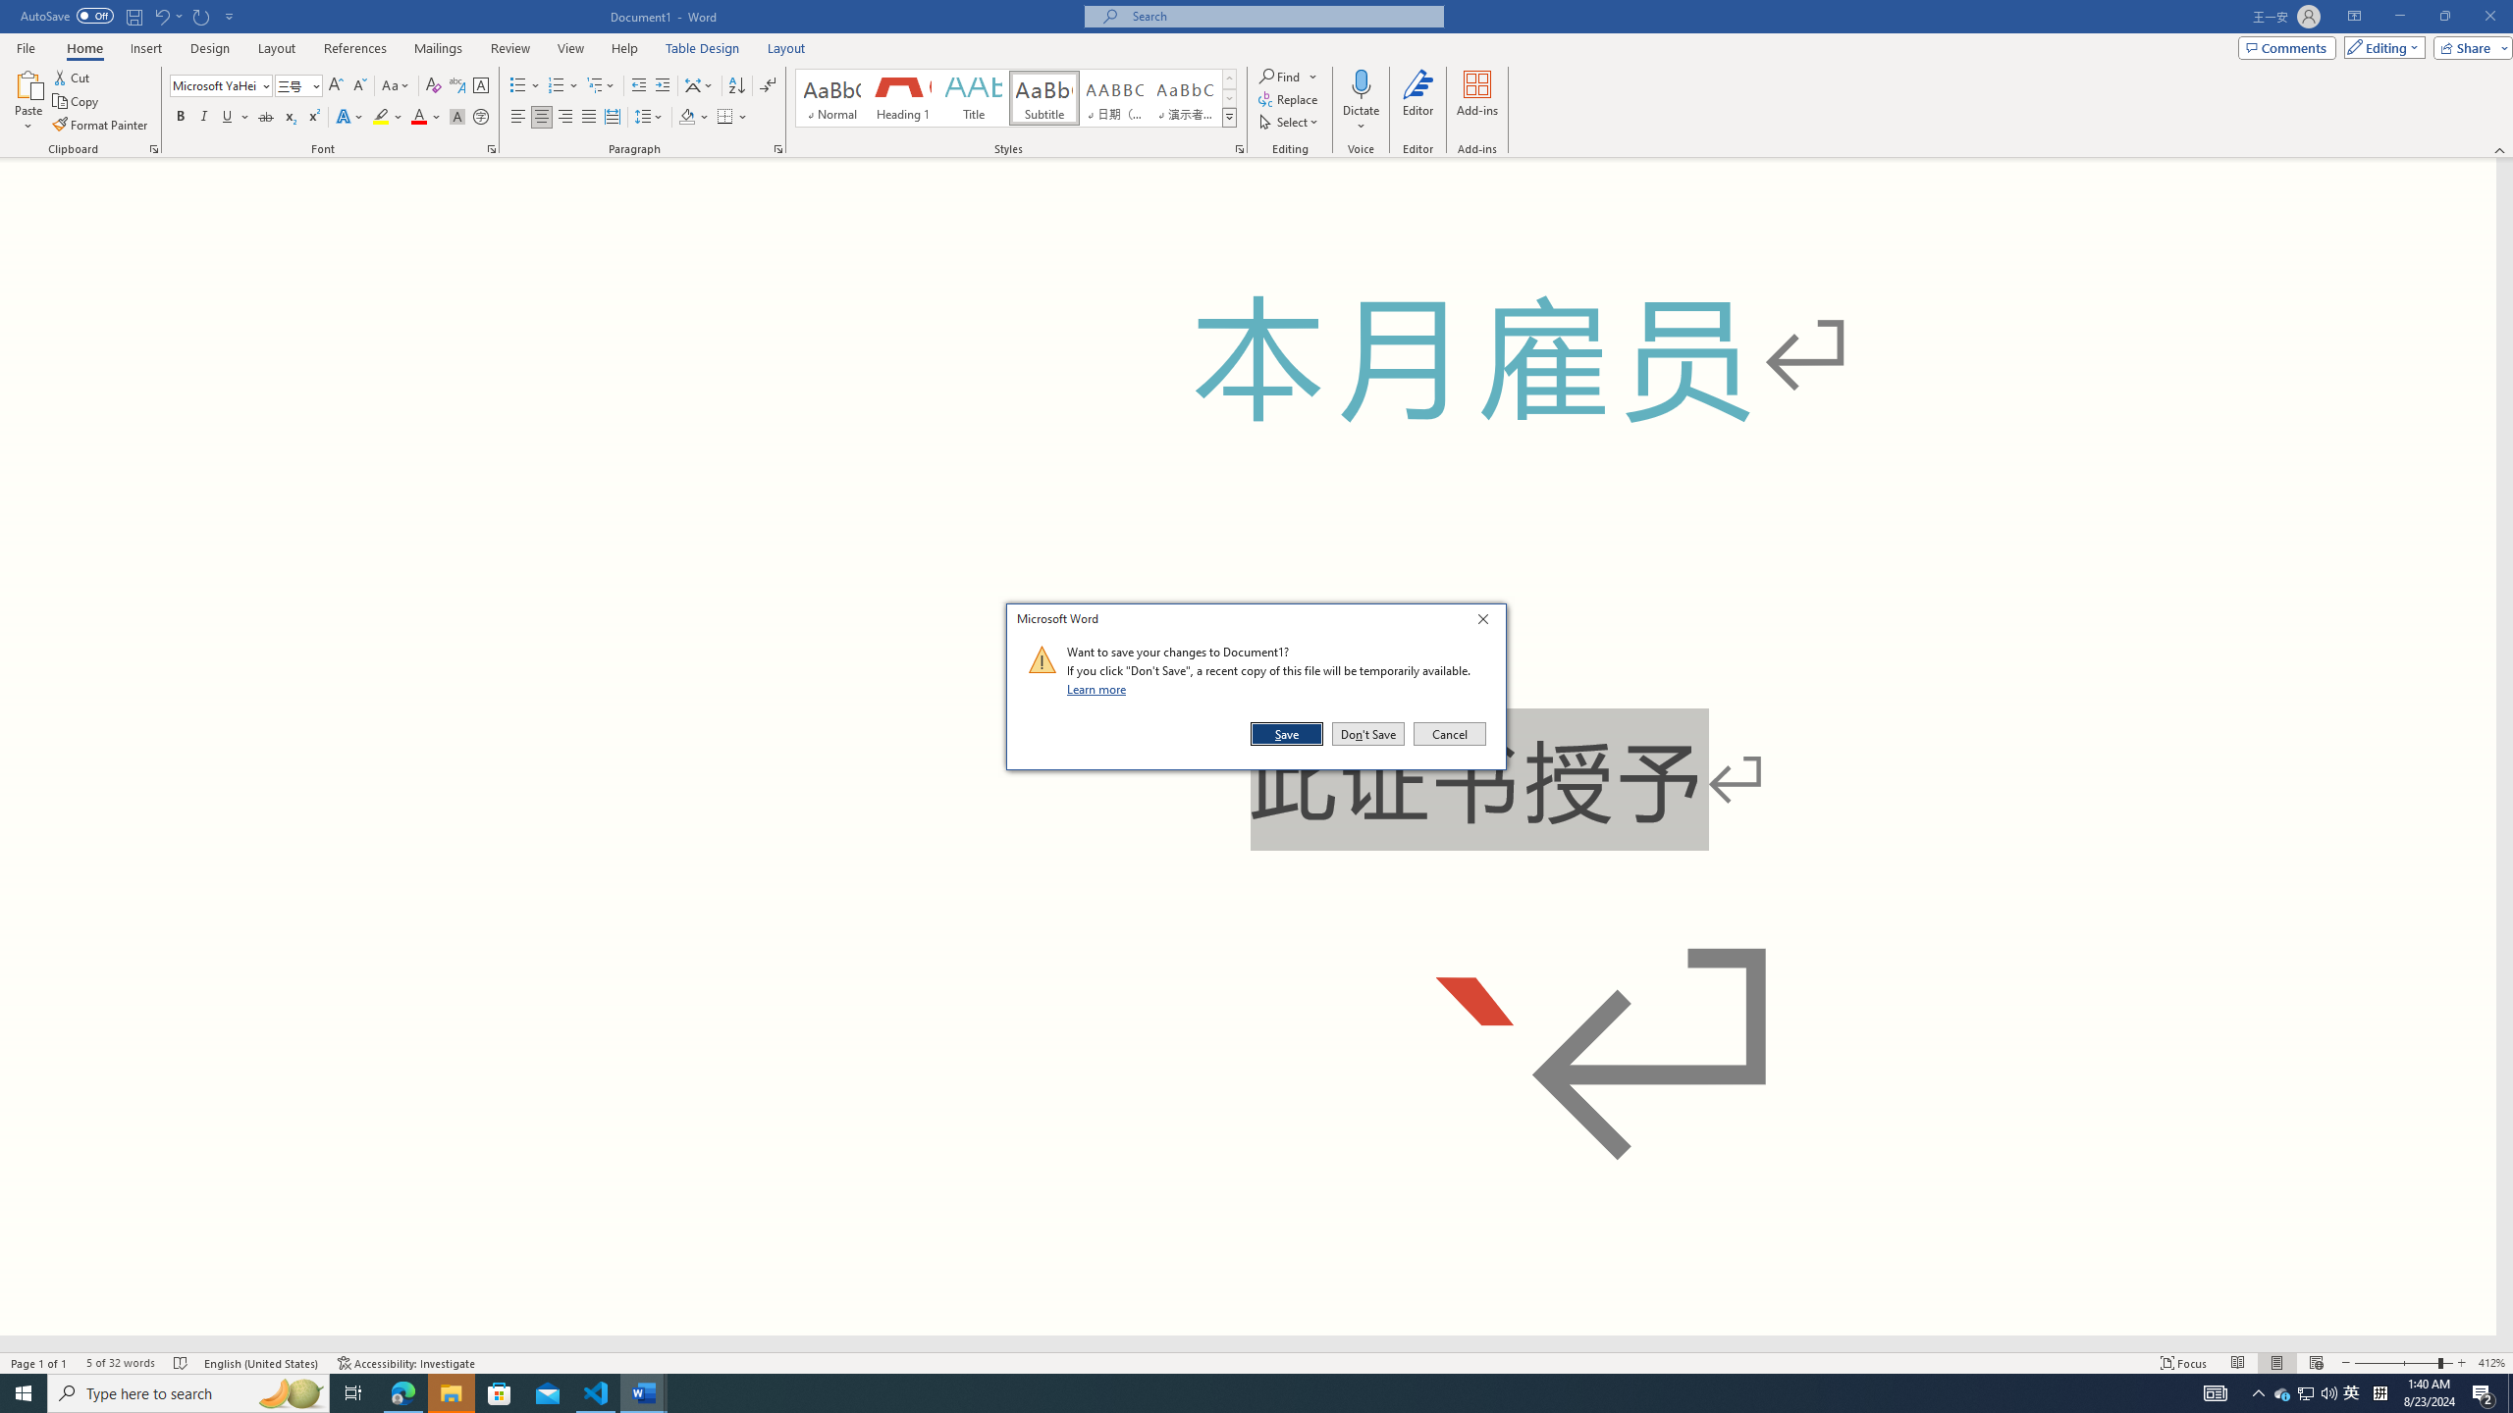 This screenshot has width=2513, height=1413. I want to click on 'Grow Font', so click(335, 85).